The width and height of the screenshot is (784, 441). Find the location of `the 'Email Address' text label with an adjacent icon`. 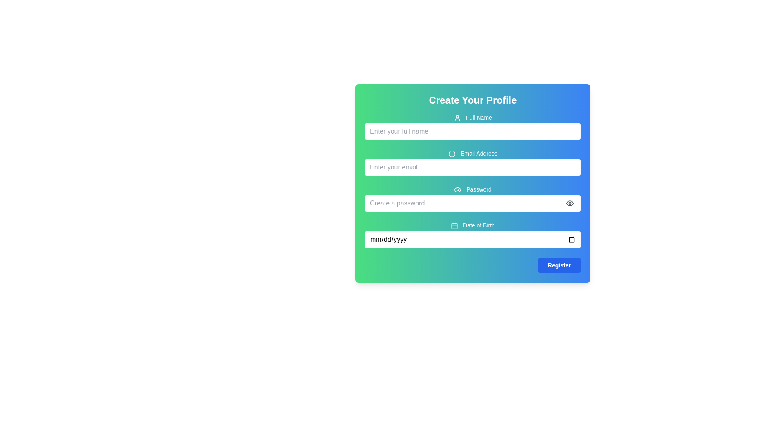

the 'Email Address' text label with an adjacent icon is located at coordinates (472, 153).